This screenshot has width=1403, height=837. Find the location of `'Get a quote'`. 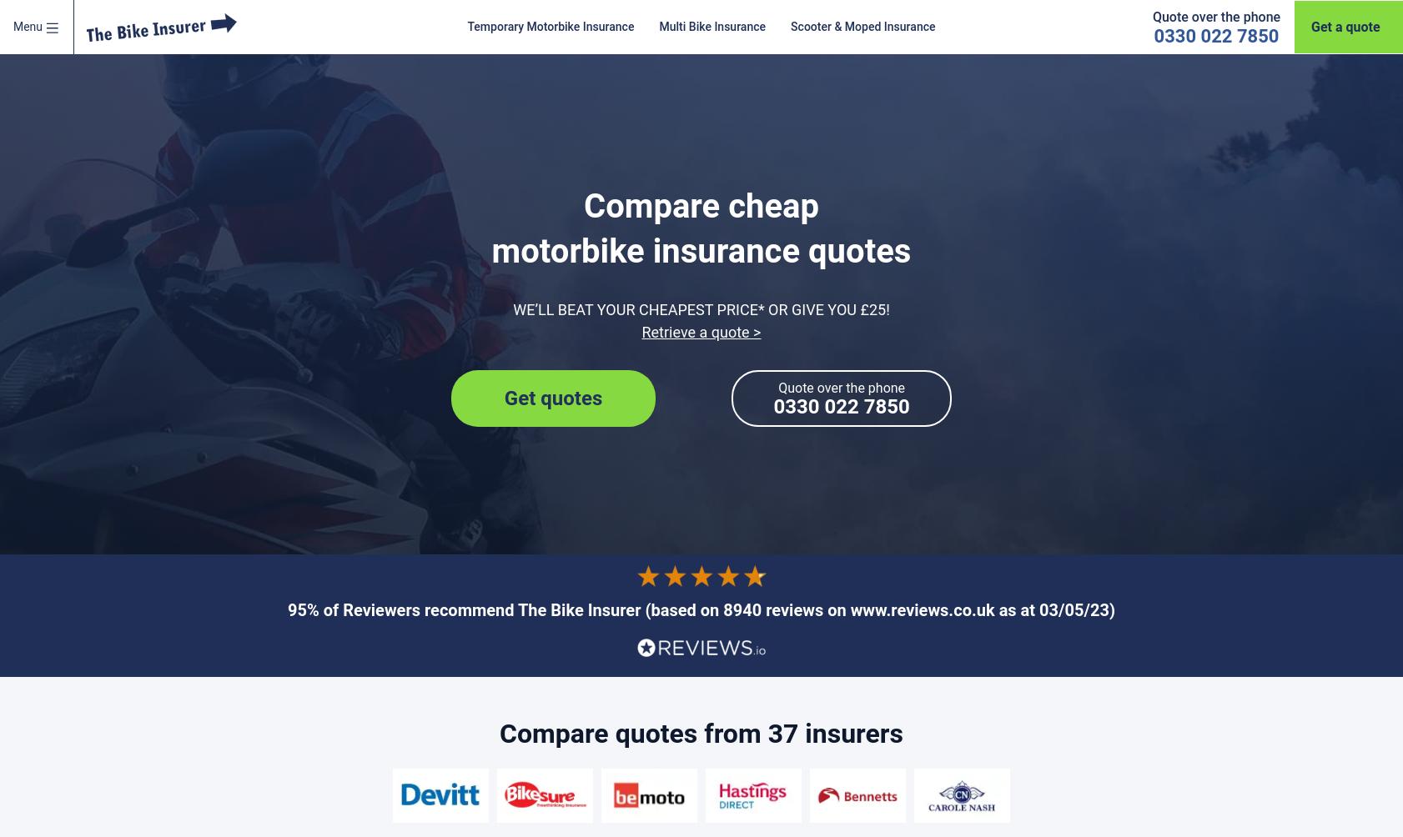

'Get a quote' is located at coordinates (1310, 27).